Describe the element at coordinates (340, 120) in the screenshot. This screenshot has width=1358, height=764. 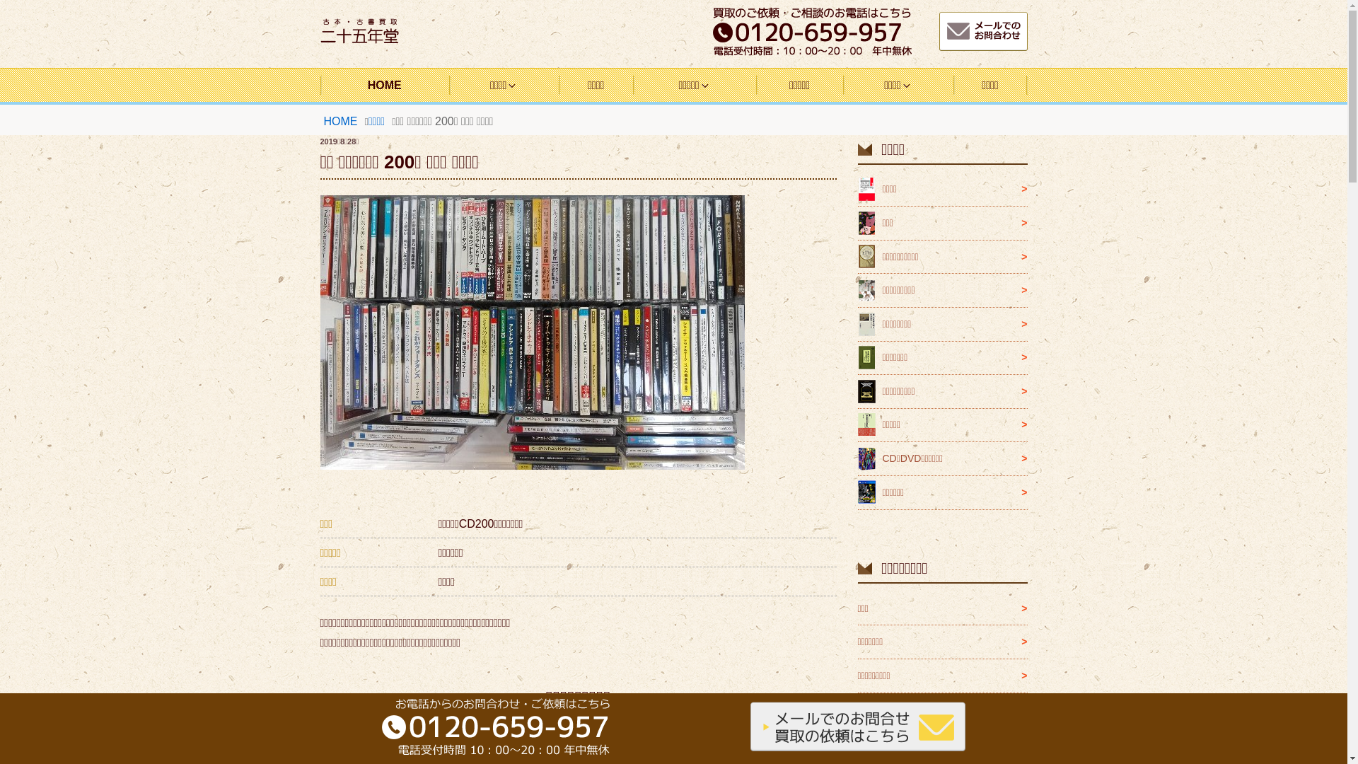
I see `'HOME'` at that location.